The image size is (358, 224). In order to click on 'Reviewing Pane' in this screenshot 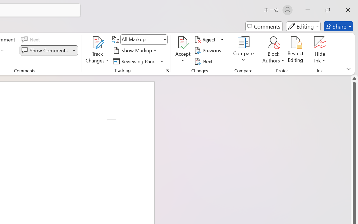, I will do `click(135, 61)`.